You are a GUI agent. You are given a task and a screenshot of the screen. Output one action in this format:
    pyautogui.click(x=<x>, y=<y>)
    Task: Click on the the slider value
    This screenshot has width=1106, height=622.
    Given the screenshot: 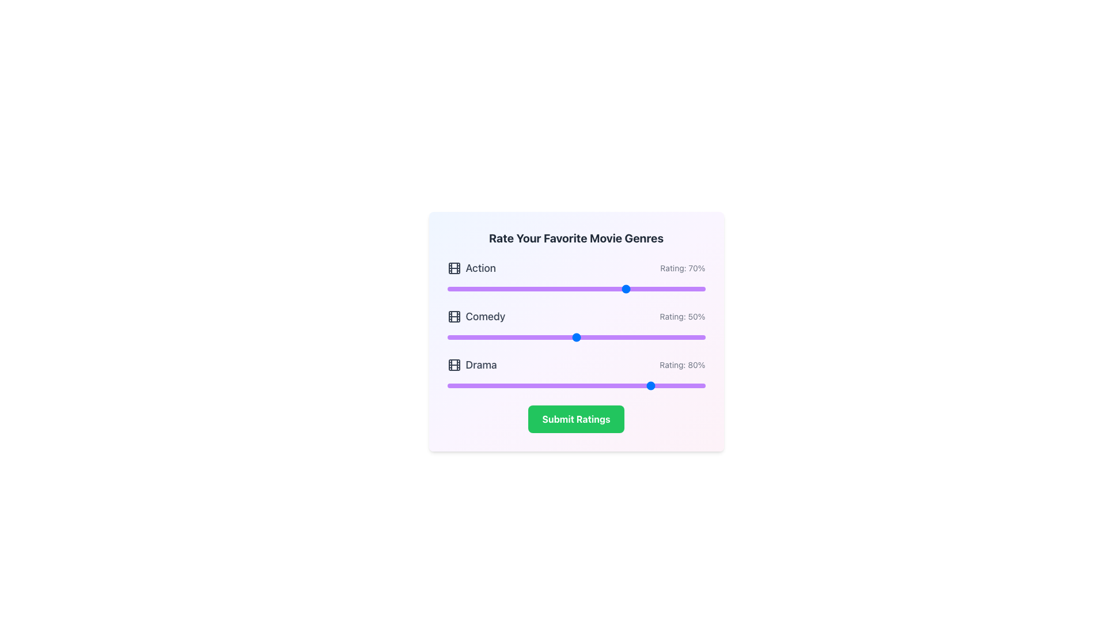 What is the action you would take?
    pyautogui.click(x=529, y=386)
    